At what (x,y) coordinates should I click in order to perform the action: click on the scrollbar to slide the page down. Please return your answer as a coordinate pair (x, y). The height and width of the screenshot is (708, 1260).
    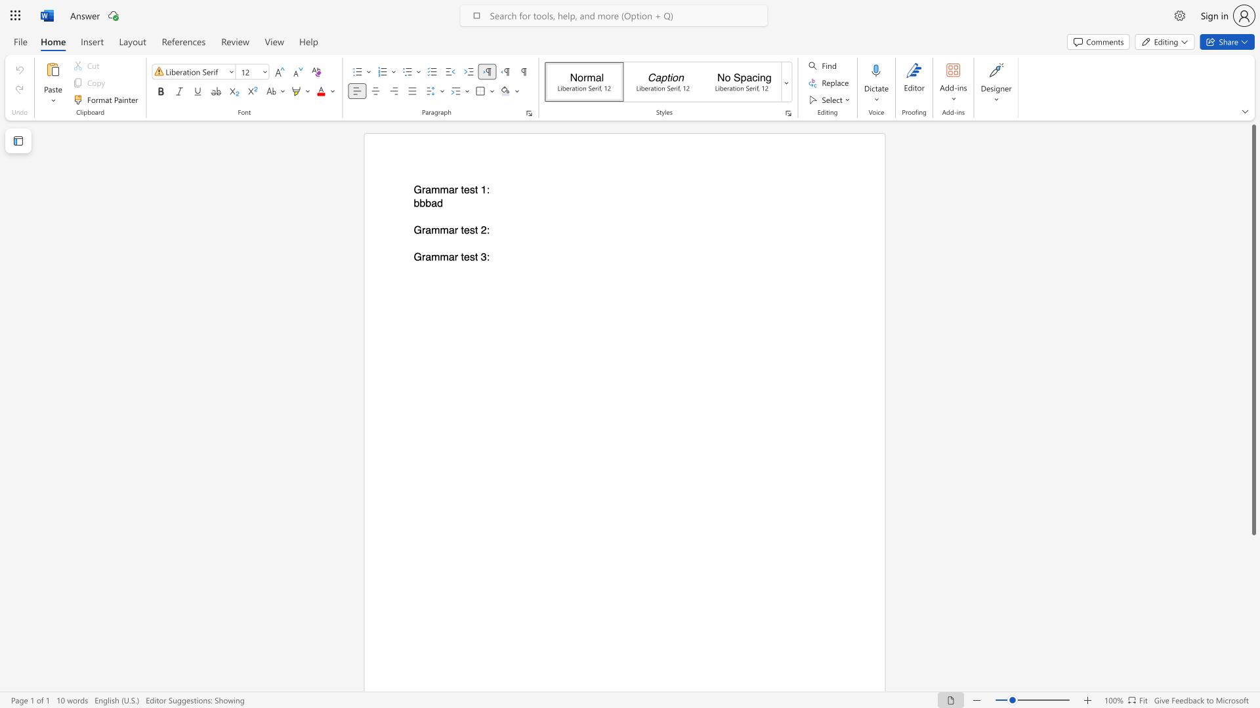
    Looking at the image, I should click on (1253, 621).